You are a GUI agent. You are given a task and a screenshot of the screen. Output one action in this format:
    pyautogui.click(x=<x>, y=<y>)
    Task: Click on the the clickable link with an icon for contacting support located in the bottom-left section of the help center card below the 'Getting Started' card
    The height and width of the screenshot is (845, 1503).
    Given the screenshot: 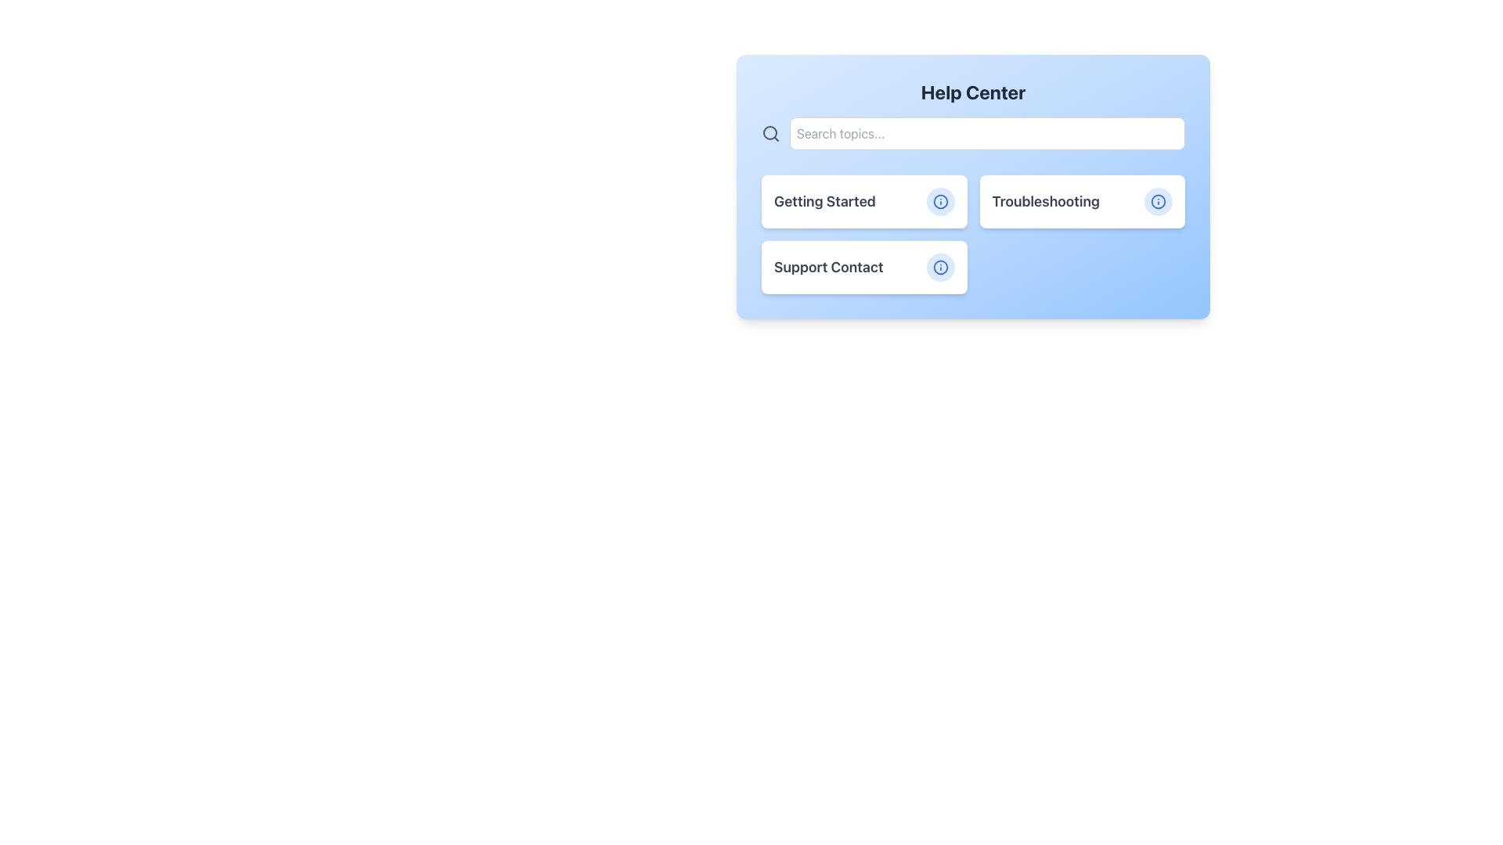 What is the action you would take?
    pyautogui.click(x=863, y=267)
    